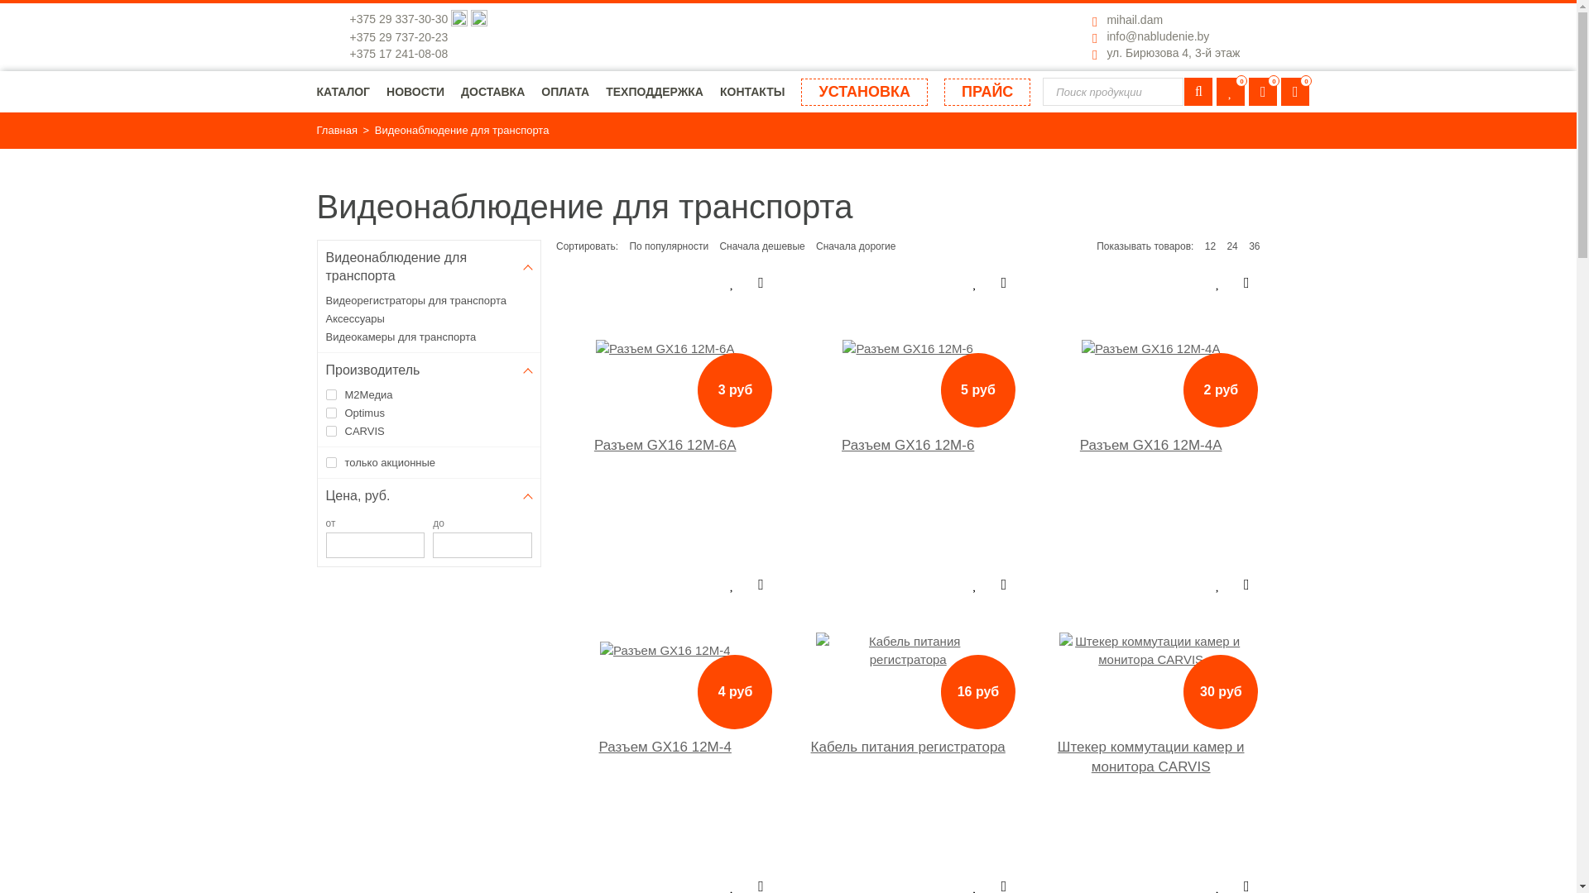 The height and width of the screenshot is (893, 1589). What do you see at coordinates (1248, 92) in the screenshot?
I see `'0'` at bounding box center [1248, 92].